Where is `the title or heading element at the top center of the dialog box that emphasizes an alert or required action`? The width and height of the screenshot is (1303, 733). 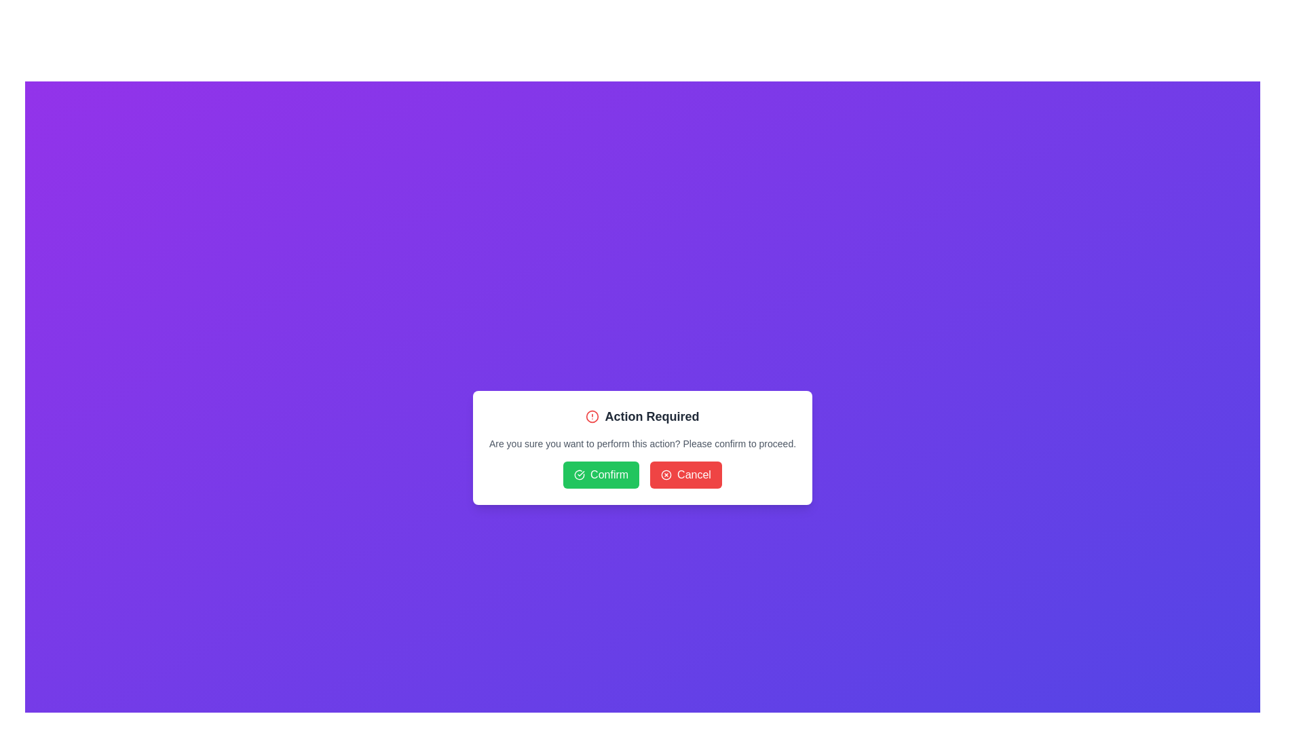
the title or heading element at the top center of the dialog box that emphasizes an alert or required action is located at coordinates (641, 415).